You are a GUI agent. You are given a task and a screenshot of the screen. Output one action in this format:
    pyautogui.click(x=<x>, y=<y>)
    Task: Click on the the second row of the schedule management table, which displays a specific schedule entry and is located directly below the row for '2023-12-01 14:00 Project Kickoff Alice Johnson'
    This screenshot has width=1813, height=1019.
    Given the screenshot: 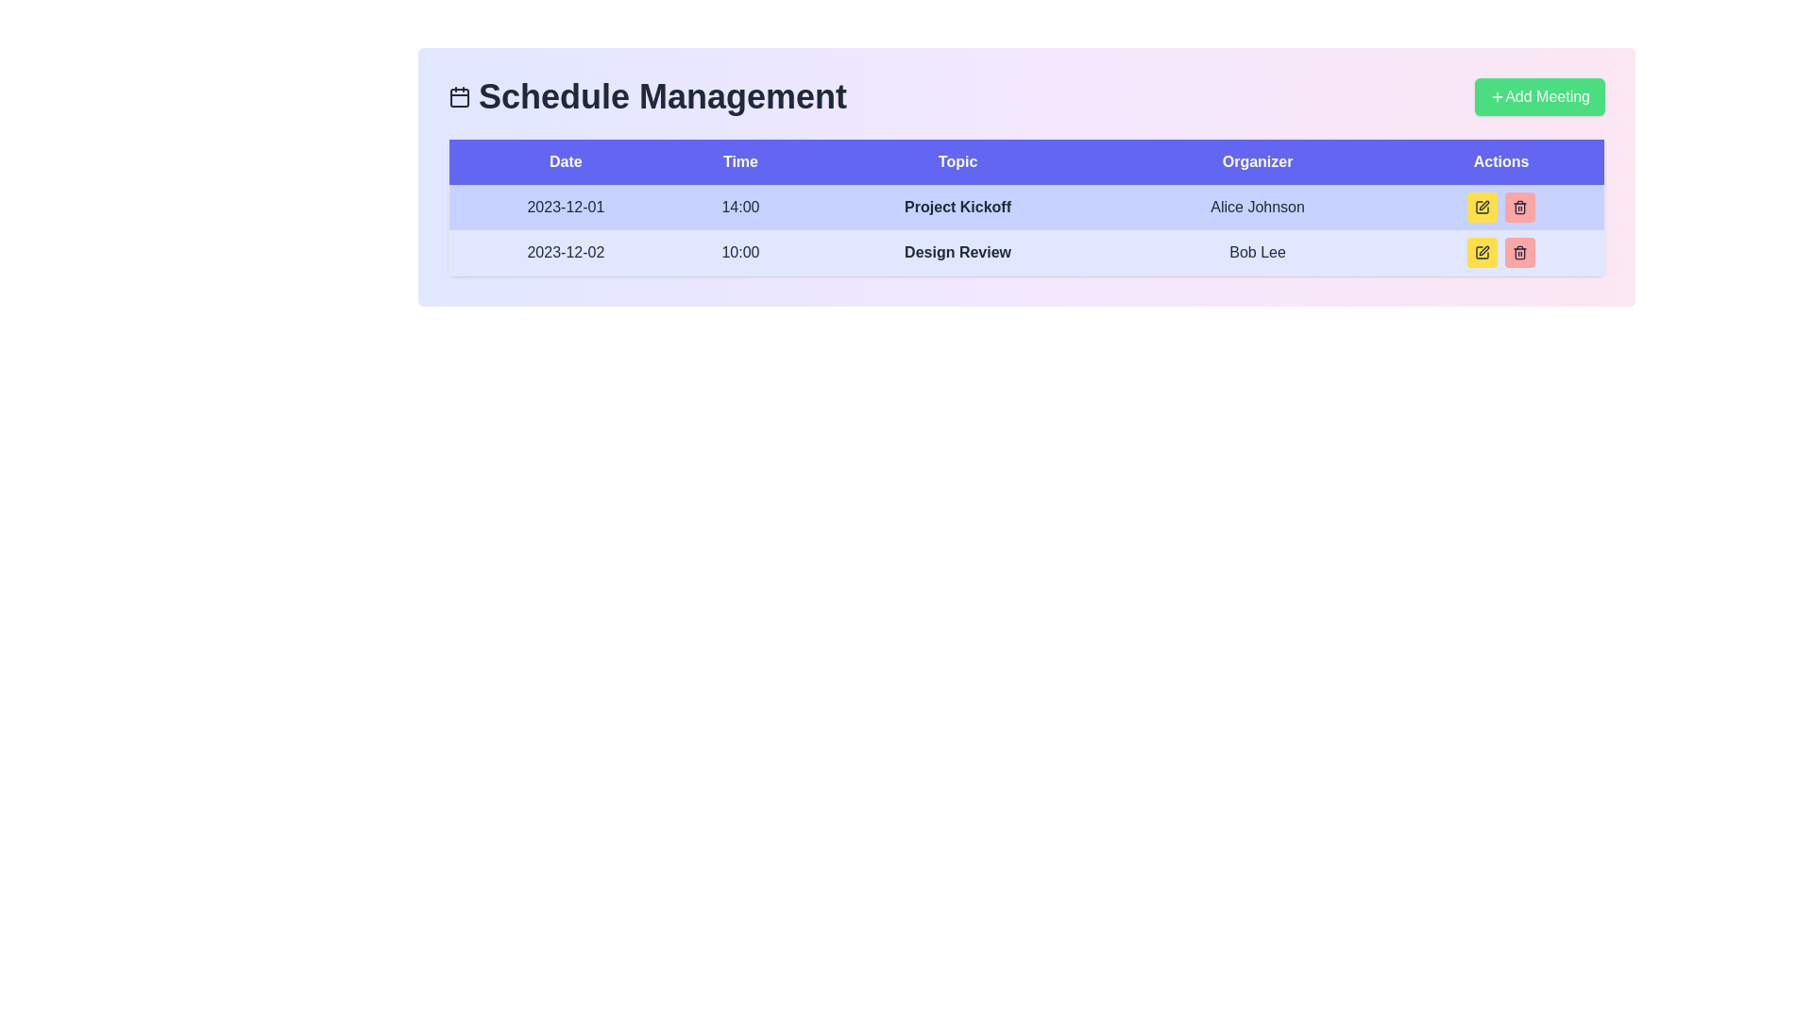 What is the action you would take?
    pyautogui.click(x=1025, y=252)
    